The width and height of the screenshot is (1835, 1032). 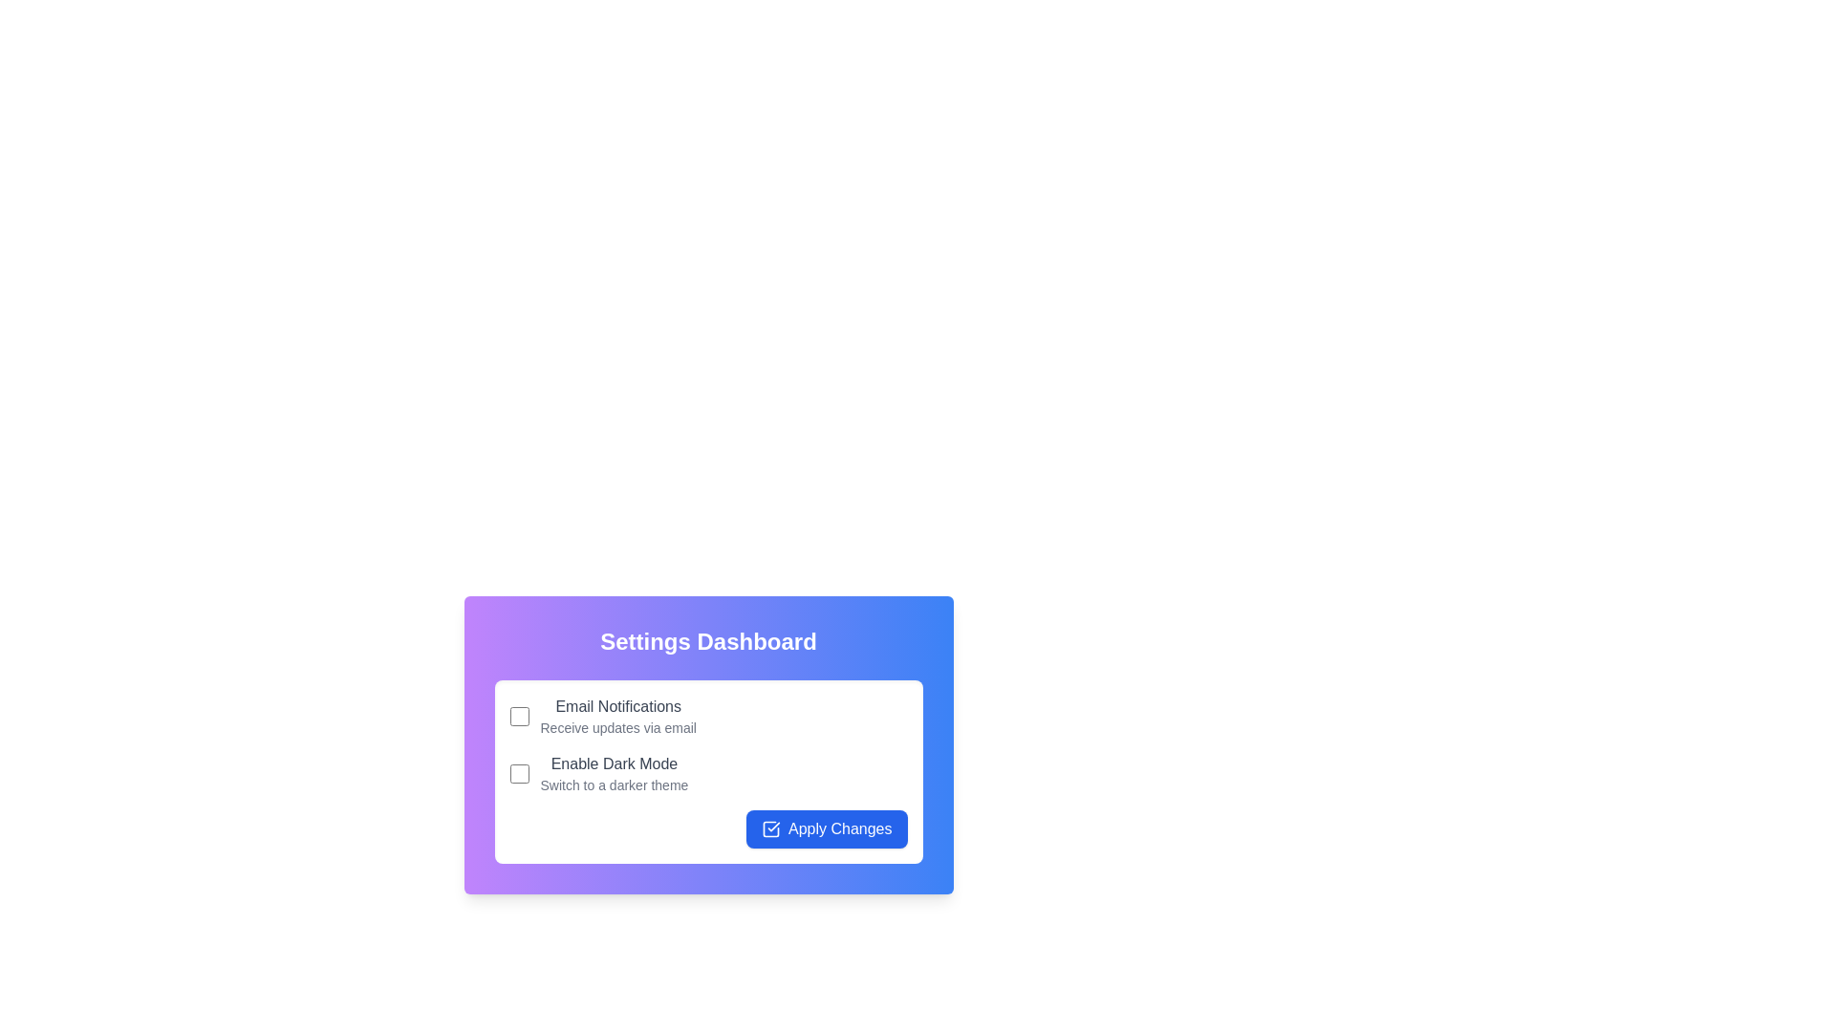 What do you see at coordinates (826, 828) in the screenshot?
I see `the 'Apply' button located at the bottom-right of the 'Settings Dashboard' card` at bounding box center [826, 828].